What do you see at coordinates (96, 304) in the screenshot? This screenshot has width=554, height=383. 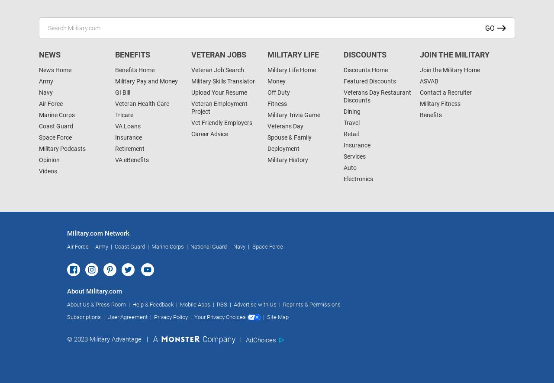 I see `'About Us & Press Room'` at bounding box center [96, 304].